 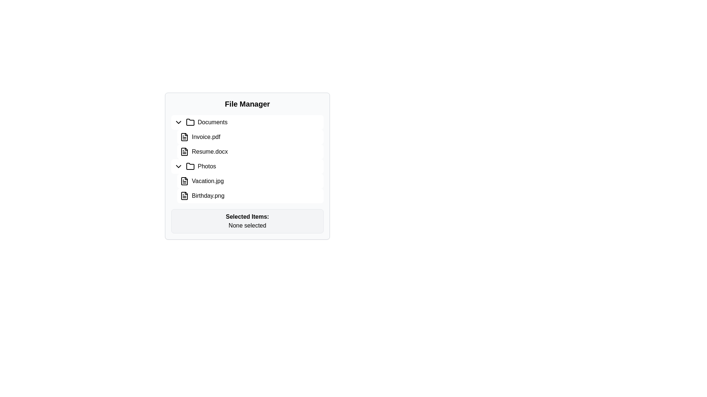 What do you see at coordinates (209, 151) in the screenshot?
I see `the text label for 'Resume.docx' in the Documents section of the File Manager` at bounding box center [209, 151].